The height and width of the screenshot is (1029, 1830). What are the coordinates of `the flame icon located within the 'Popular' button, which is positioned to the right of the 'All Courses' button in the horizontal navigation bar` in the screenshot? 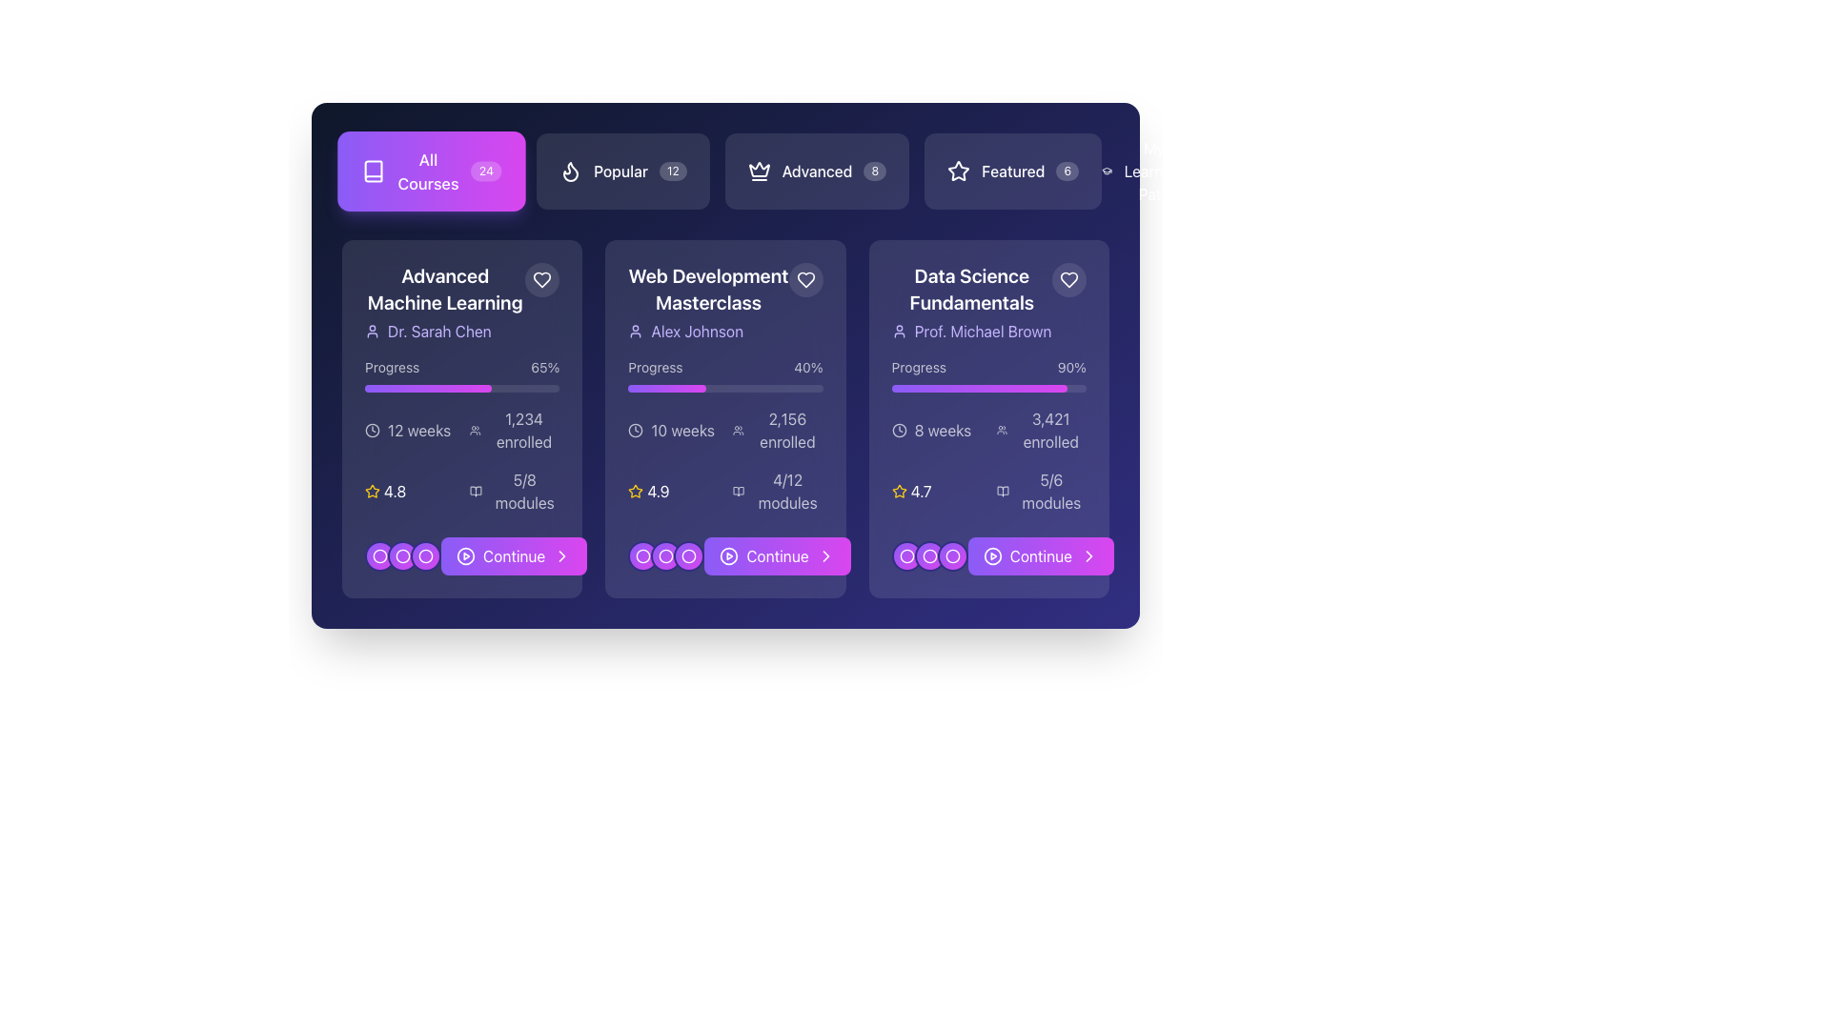 It's located at (570, 171).